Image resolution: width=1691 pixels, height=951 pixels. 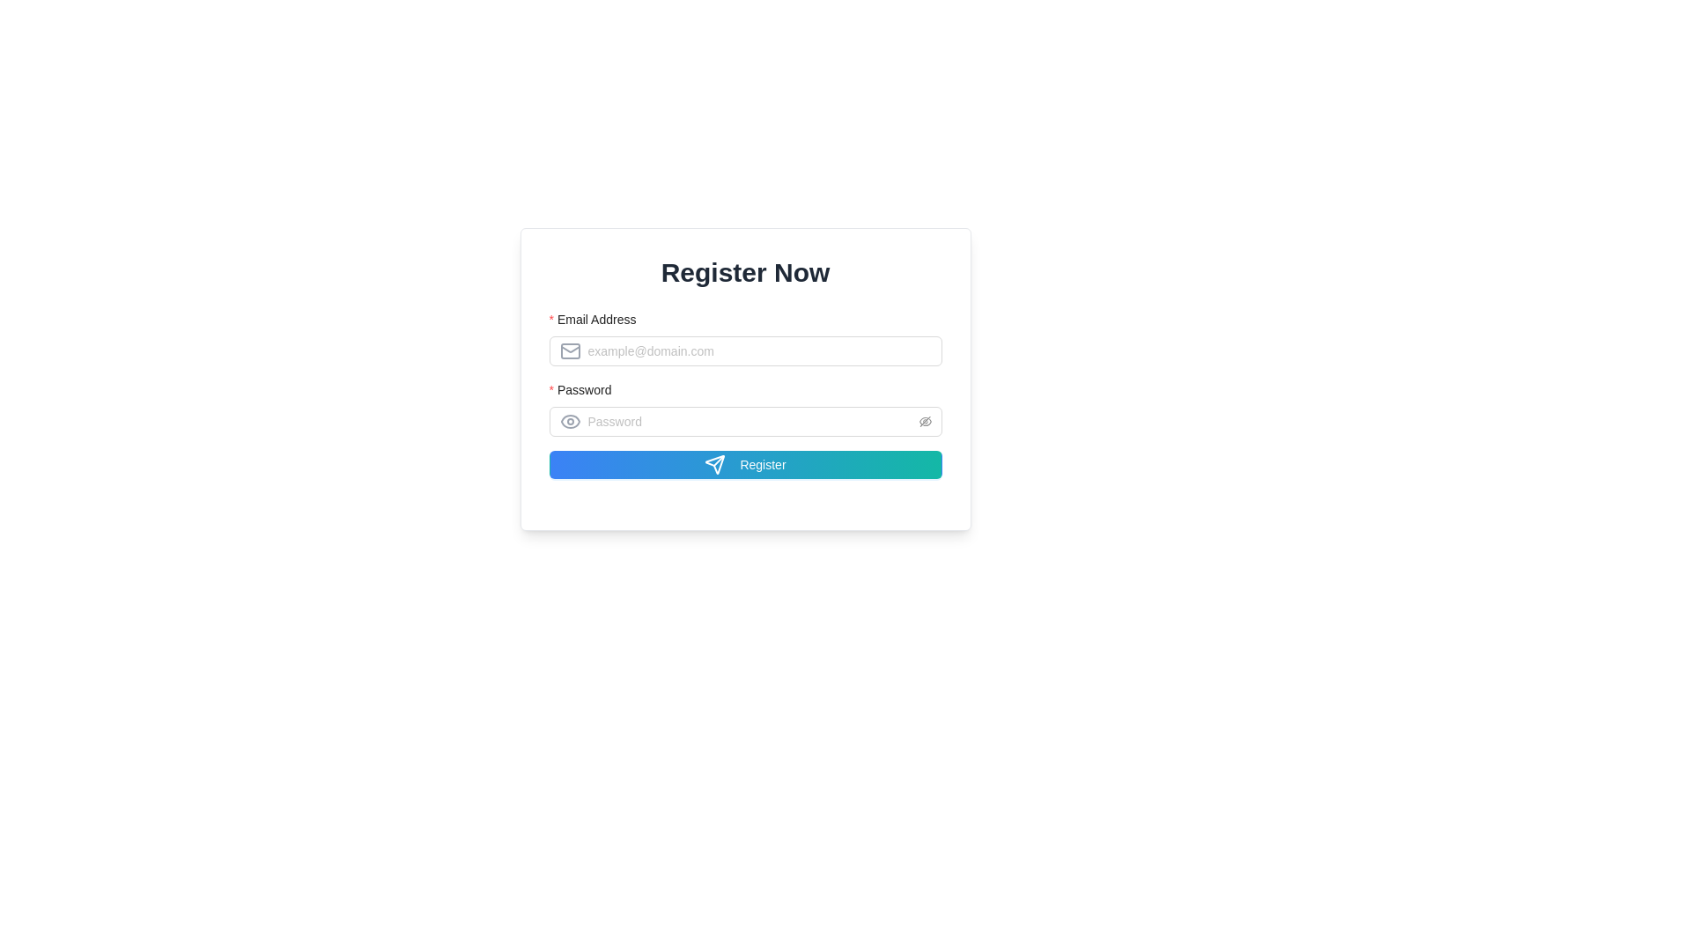 What do you see at coordinates (745, 393) in the screenshot?
I see `the associated input field for the password` at bounding box center [745, 393].